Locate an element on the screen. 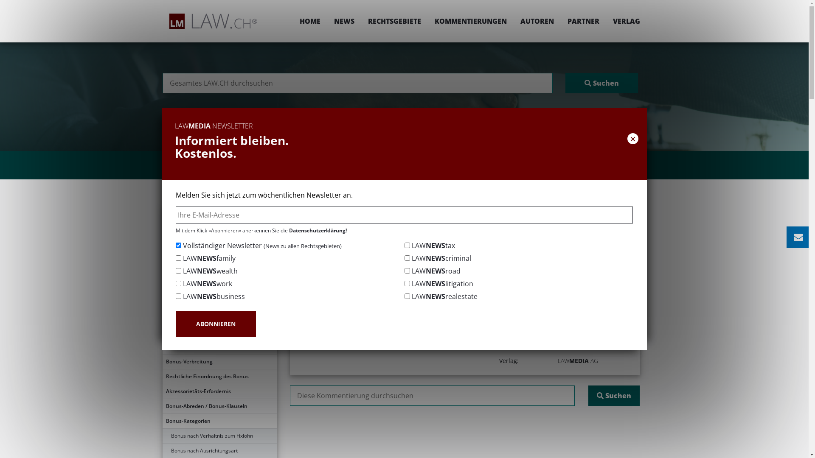 The image size is (815, 458). 'KOMMENTIERUNGEN' is located at coordinates (470, 21).